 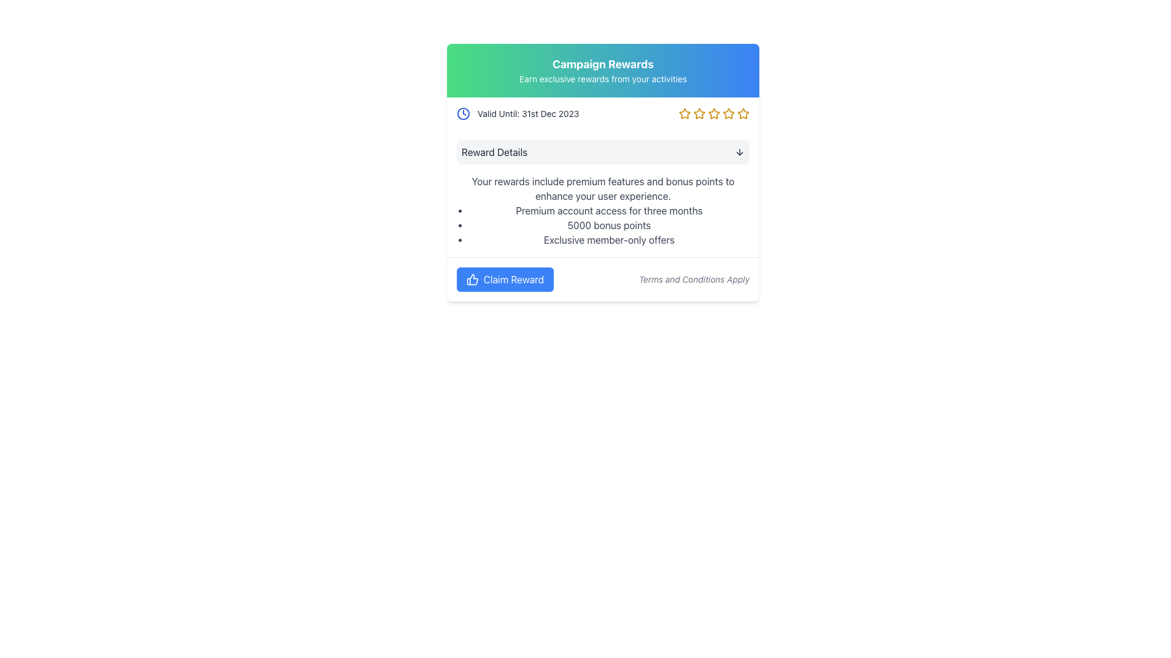 I want to click on the thumbs-up icon located within the blue 'Claim Reward' button at the bottom of the content card, so click(x=471, y=280).